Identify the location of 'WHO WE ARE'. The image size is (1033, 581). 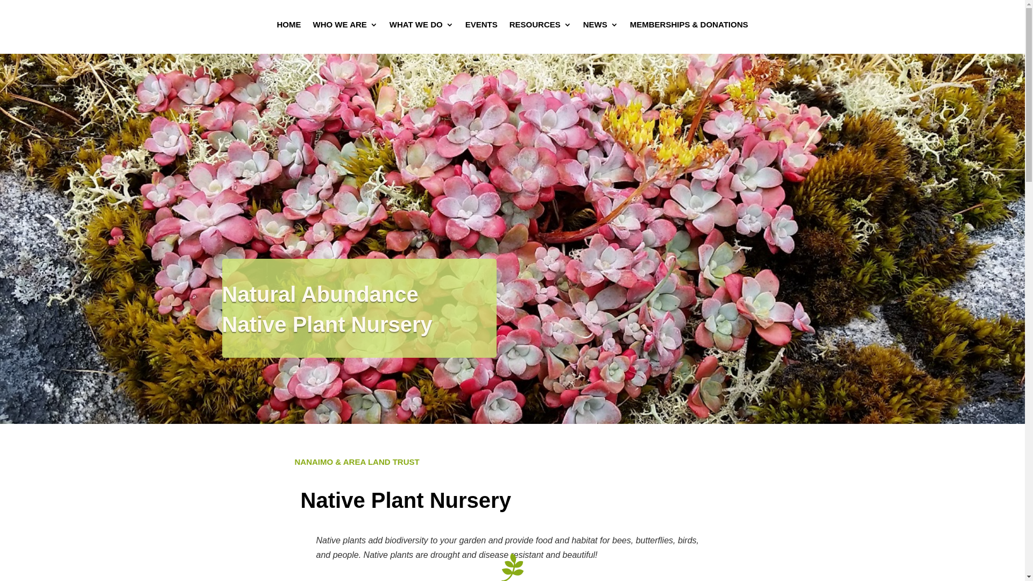
(312, 26).